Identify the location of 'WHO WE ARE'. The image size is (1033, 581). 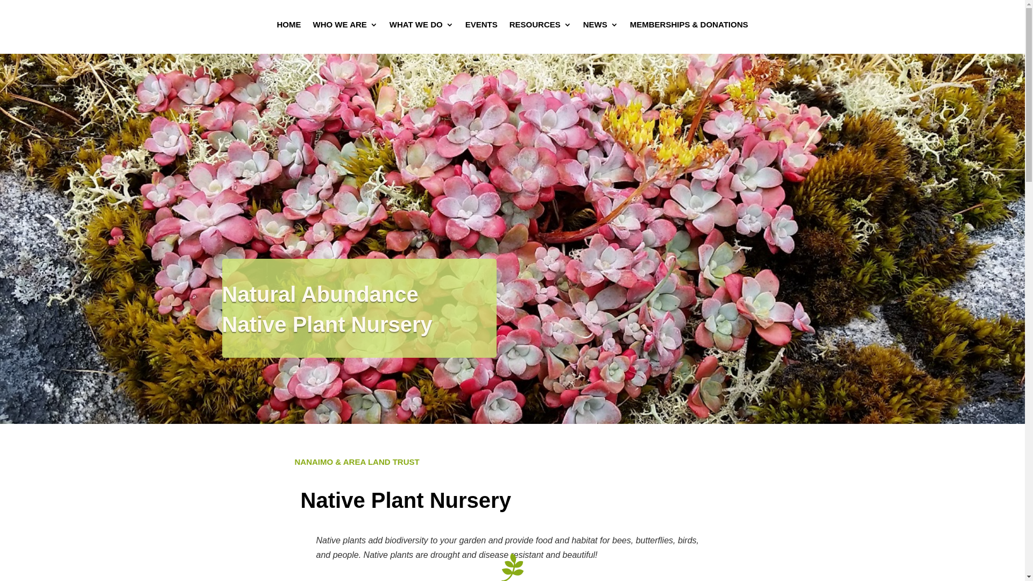
(312, 26).